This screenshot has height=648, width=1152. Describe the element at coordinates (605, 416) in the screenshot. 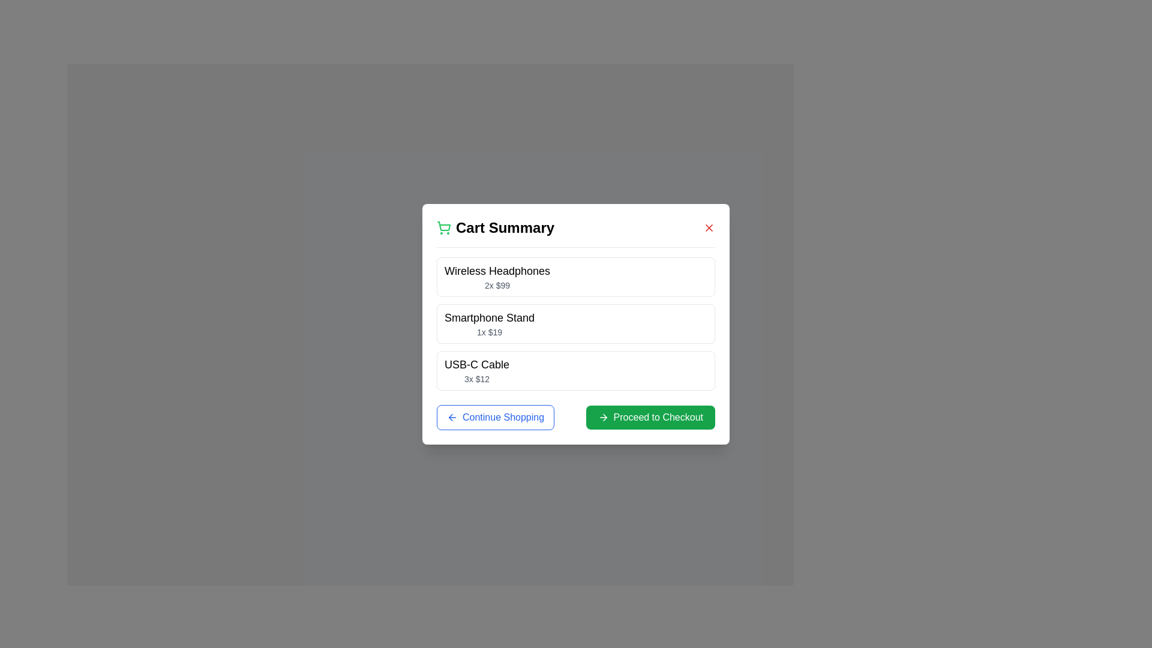

I see `the arrow icon in the bottom-right portion of the dialog box, part of the 'Proceed to Checkout' button, to proceed to checkout` at that location.